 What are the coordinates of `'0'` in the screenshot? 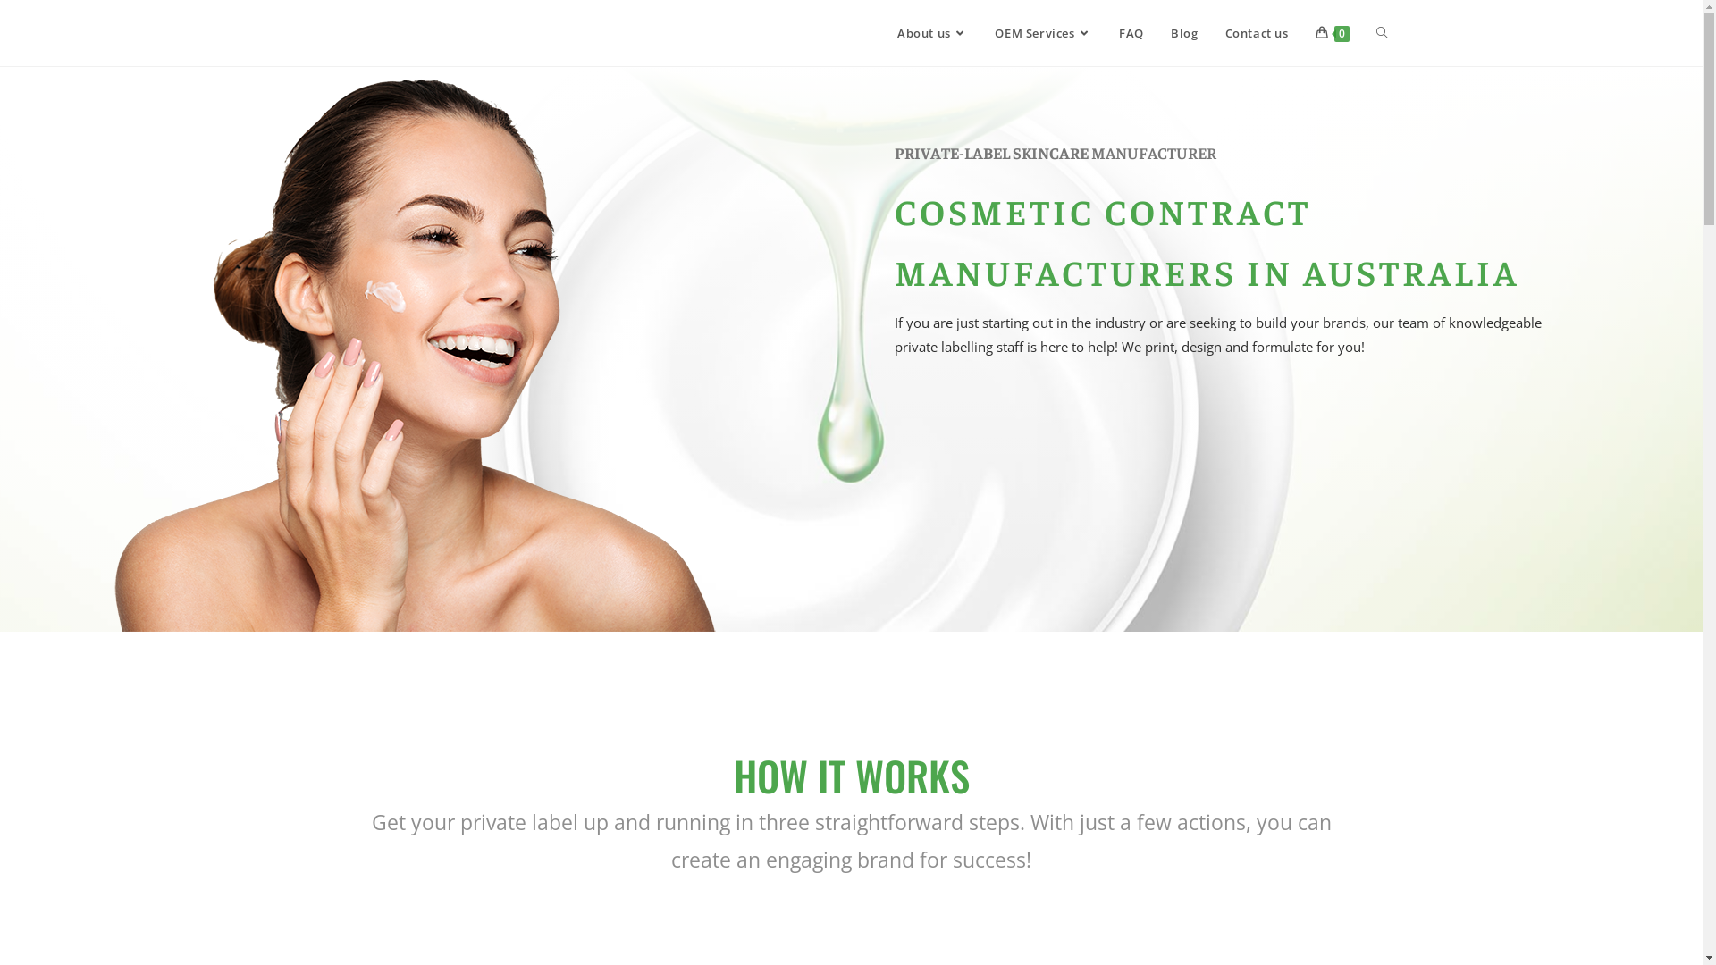 It's located at (1300, 33).